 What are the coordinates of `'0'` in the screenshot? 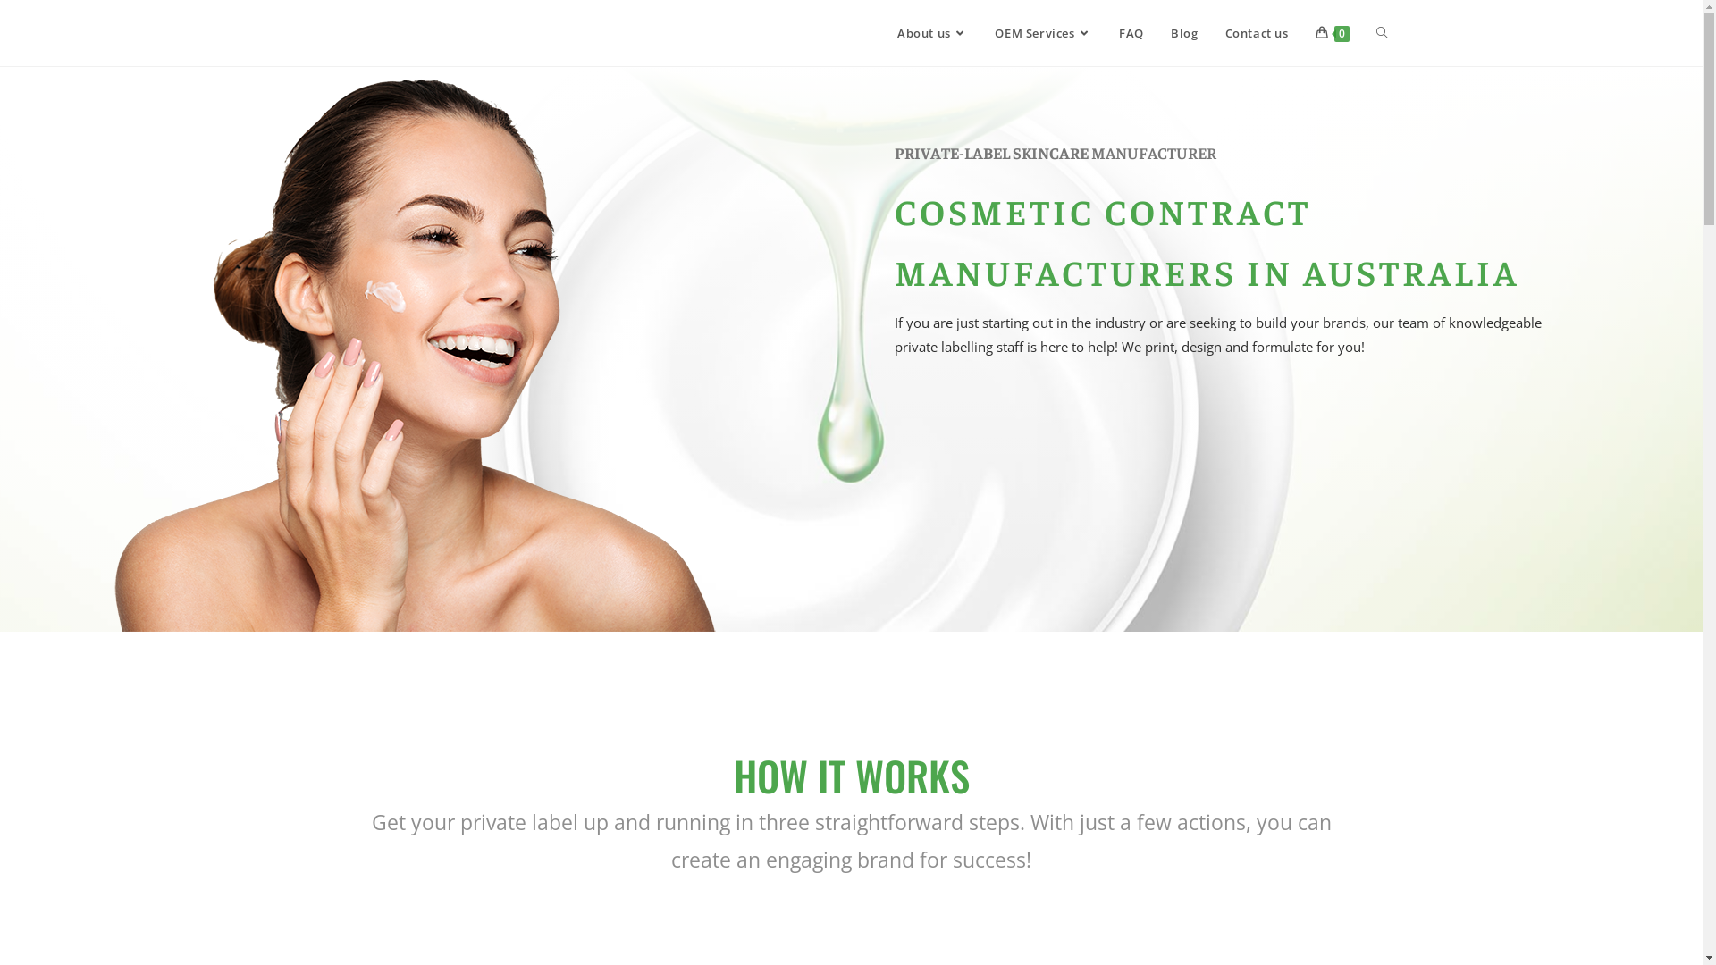 It's located at (1300, 33).